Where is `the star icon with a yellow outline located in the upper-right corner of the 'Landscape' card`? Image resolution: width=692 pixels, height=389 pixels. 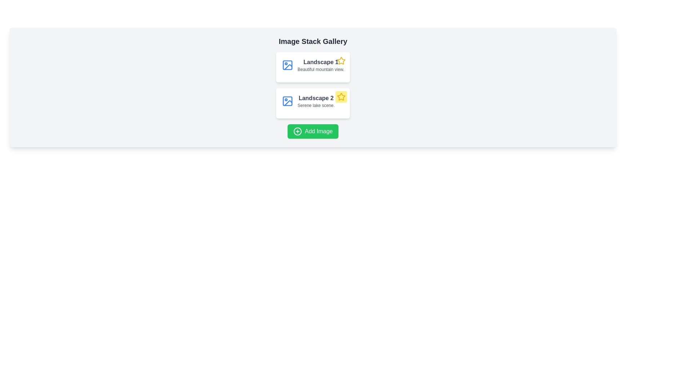 the star icon with a yellow outline located in the upper-right corner of the 'Landscape' card is located at coordinates (341, 61).